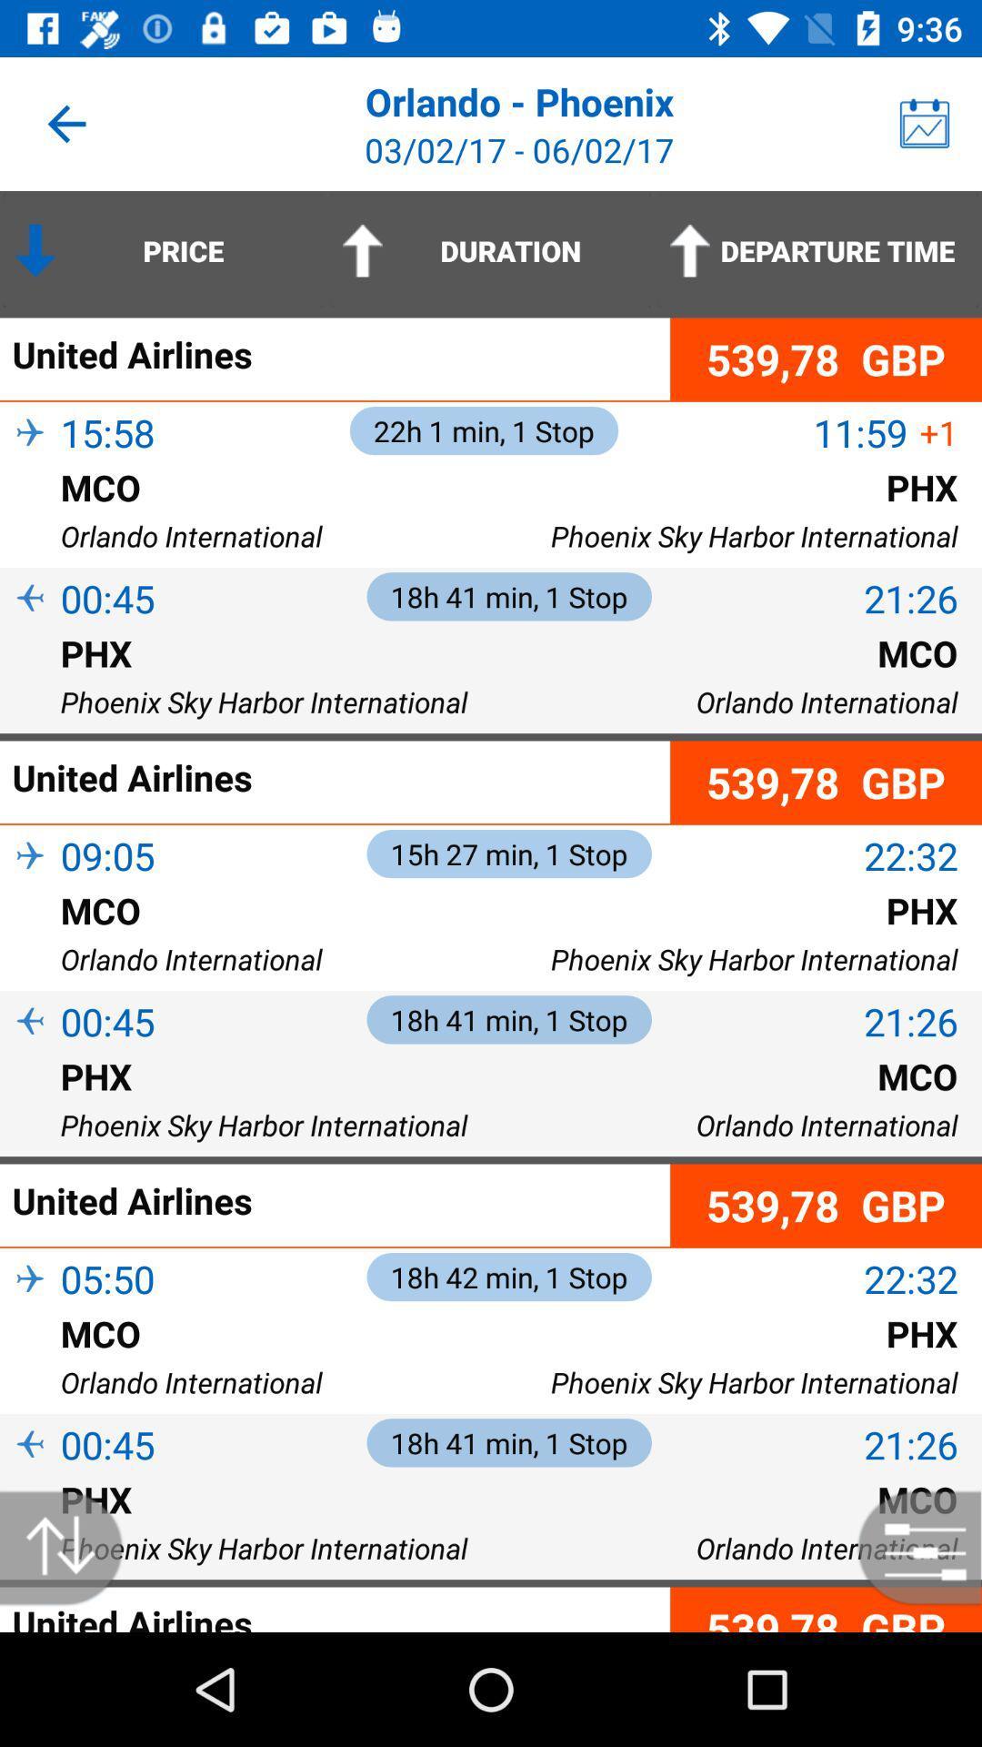 Image resolution: width=982 pixels, height=1747 pixels. I want to click on reorder from high to low, so click(70, 1547).